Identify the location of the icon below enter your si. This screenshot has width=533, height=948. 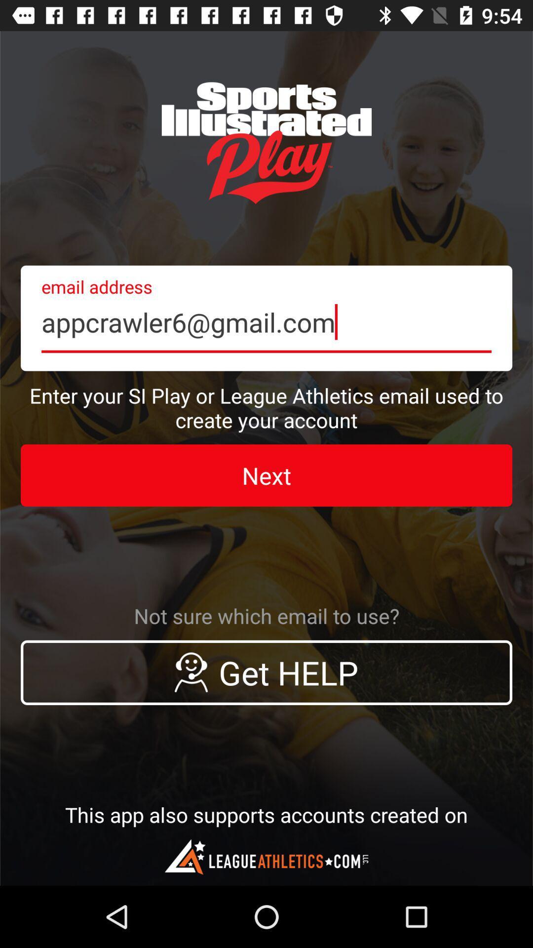
(266, 475).